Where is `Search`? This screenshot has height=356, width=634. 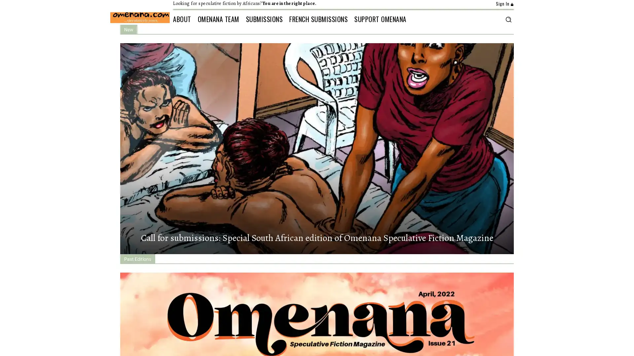
Search is located at coordinates (508, 19).